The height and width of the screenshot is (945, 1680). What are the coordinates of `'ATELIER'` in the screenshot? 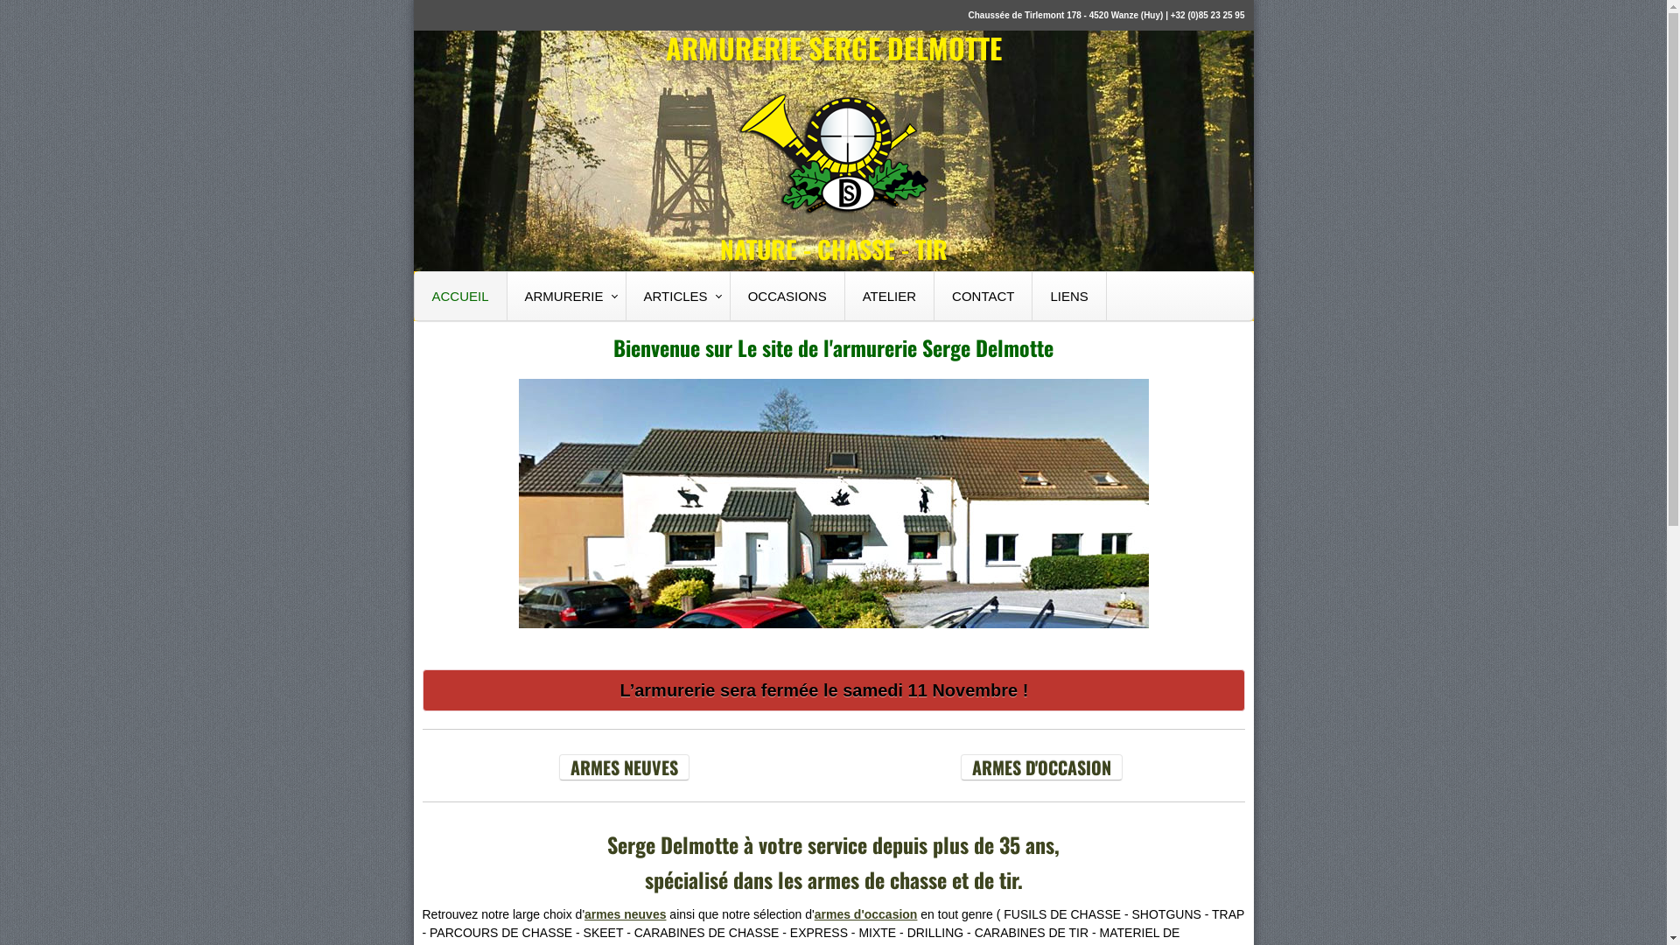 It's located at (890, 295).